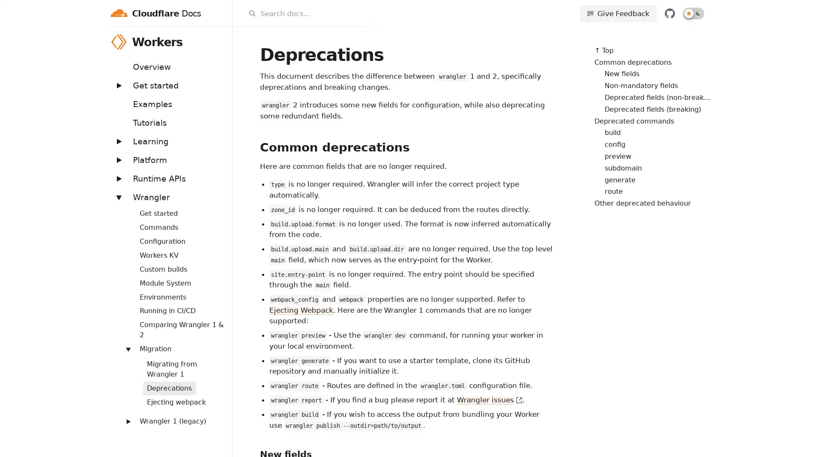 This screenshot has width=813, height=457. What do you see at coordinates (118, 140) in the screenshot?
I see `Expand: Learning` at bounding box center [118, 140].